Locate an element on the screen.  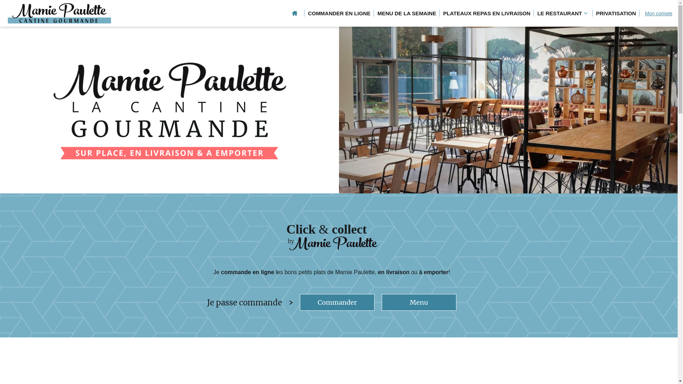
'Menu' is located at coordinates (419, 302).